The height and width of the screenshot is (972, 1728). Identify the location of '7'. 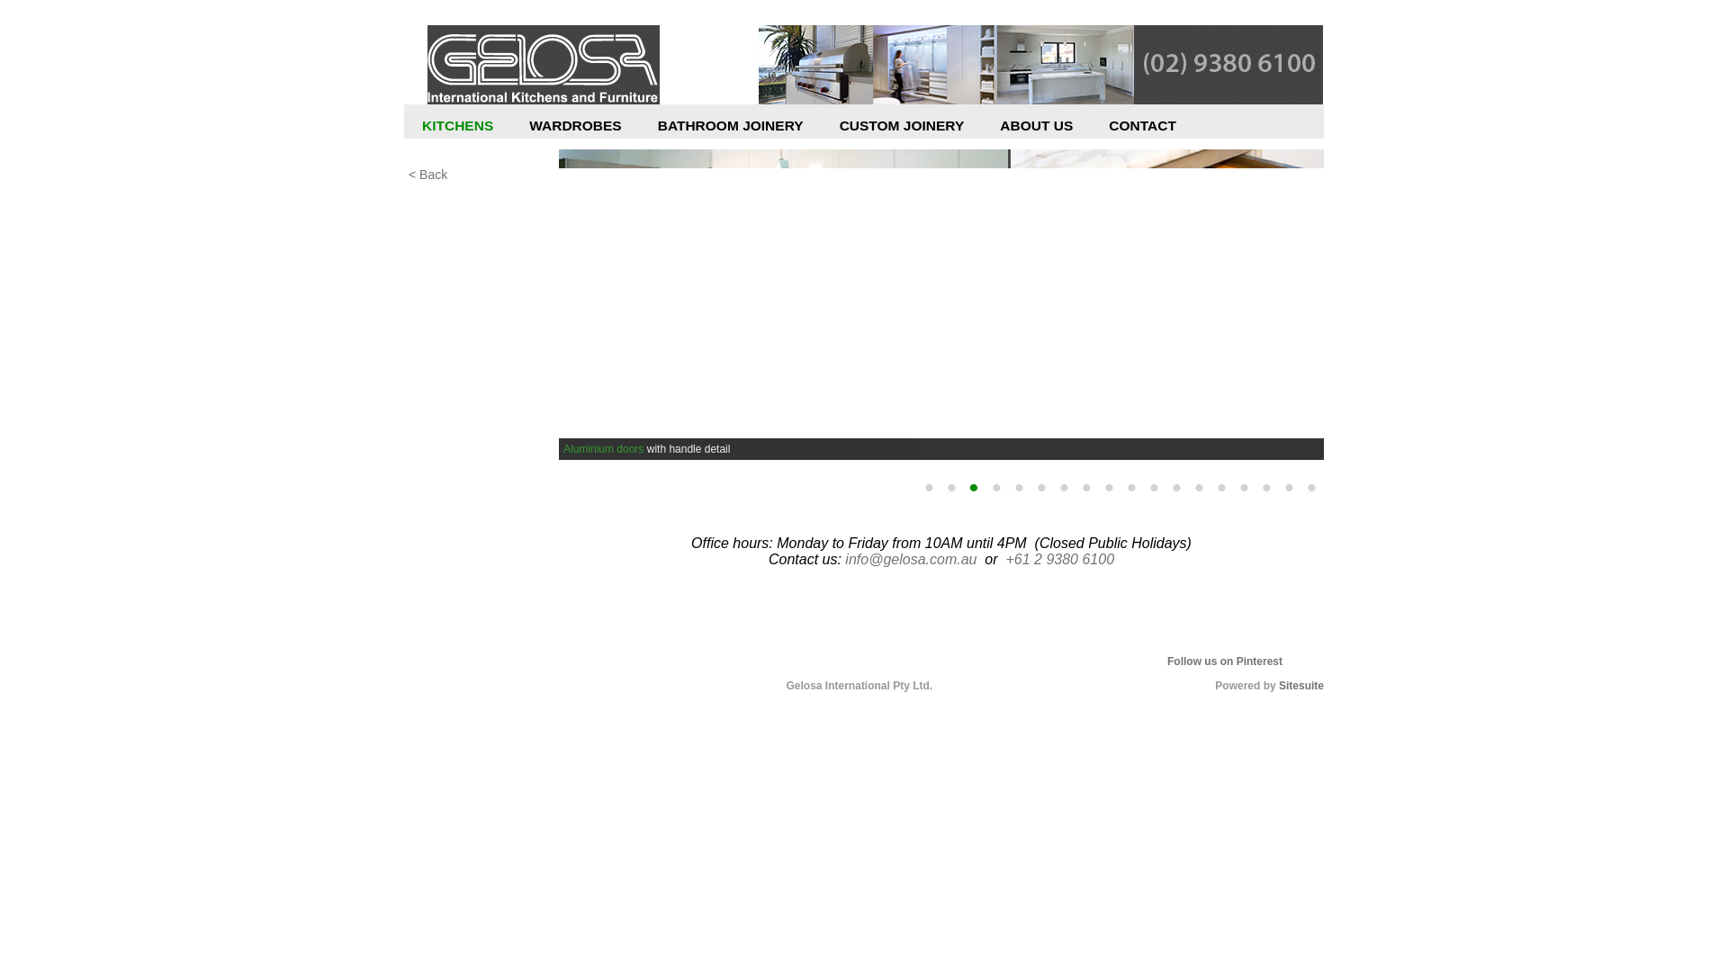
(1063, 488).